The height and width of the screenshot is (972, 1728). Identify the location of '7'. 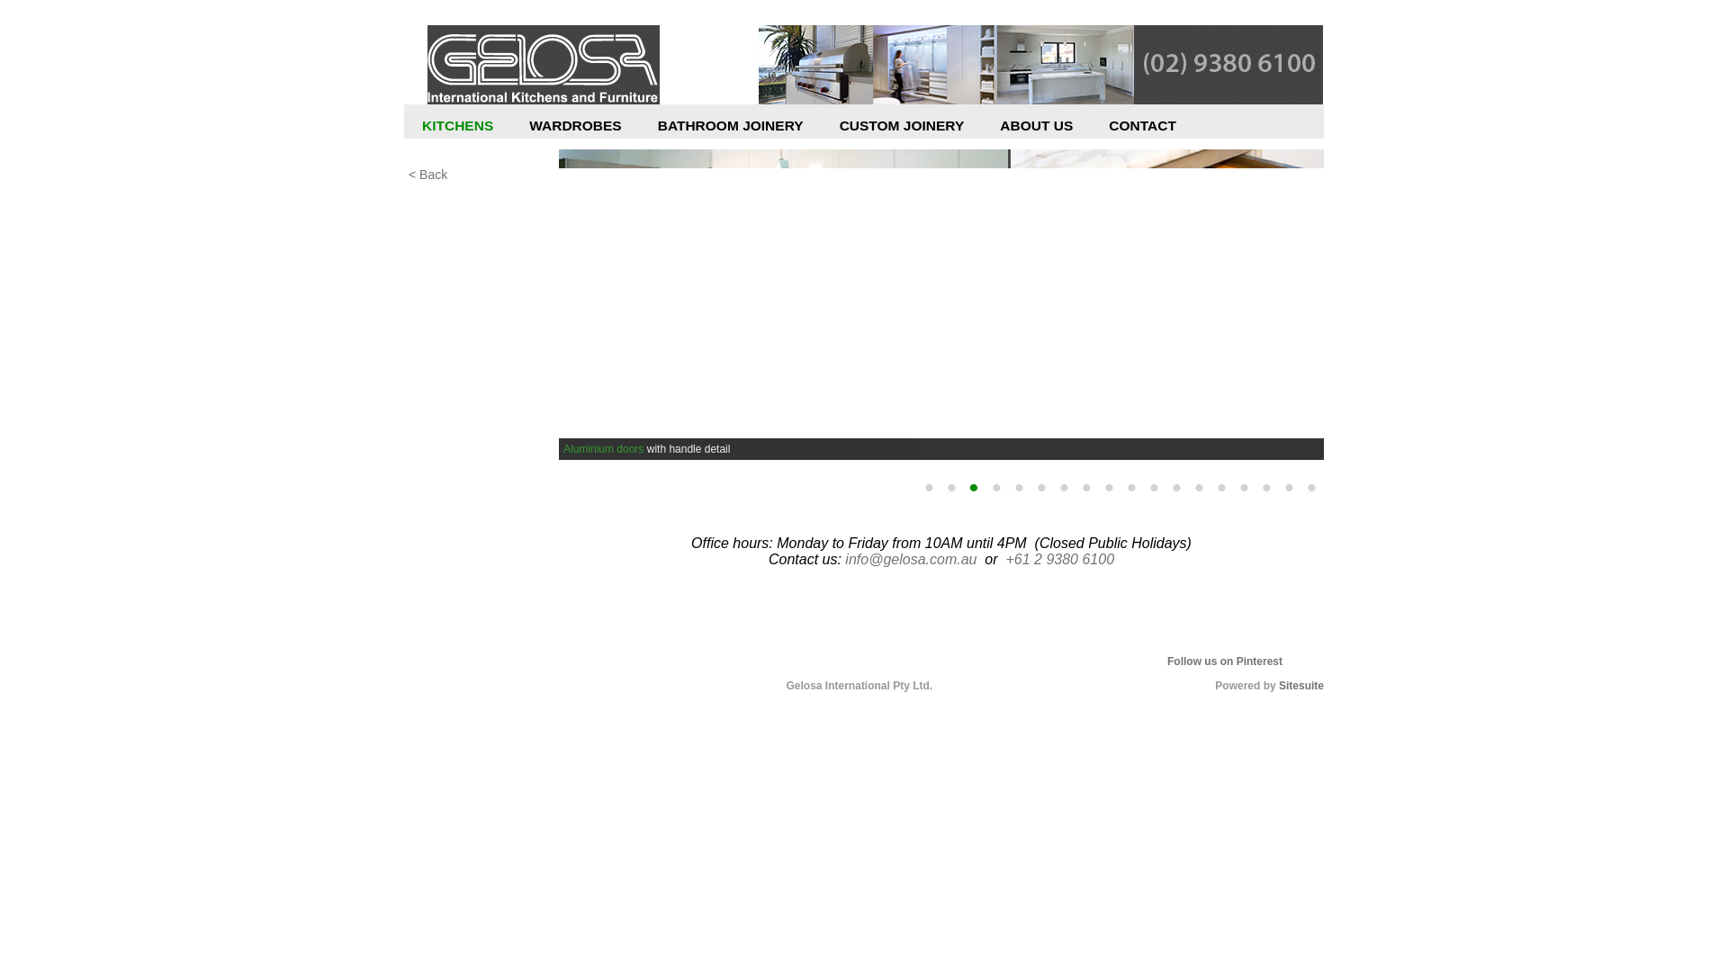
(1063, 488).